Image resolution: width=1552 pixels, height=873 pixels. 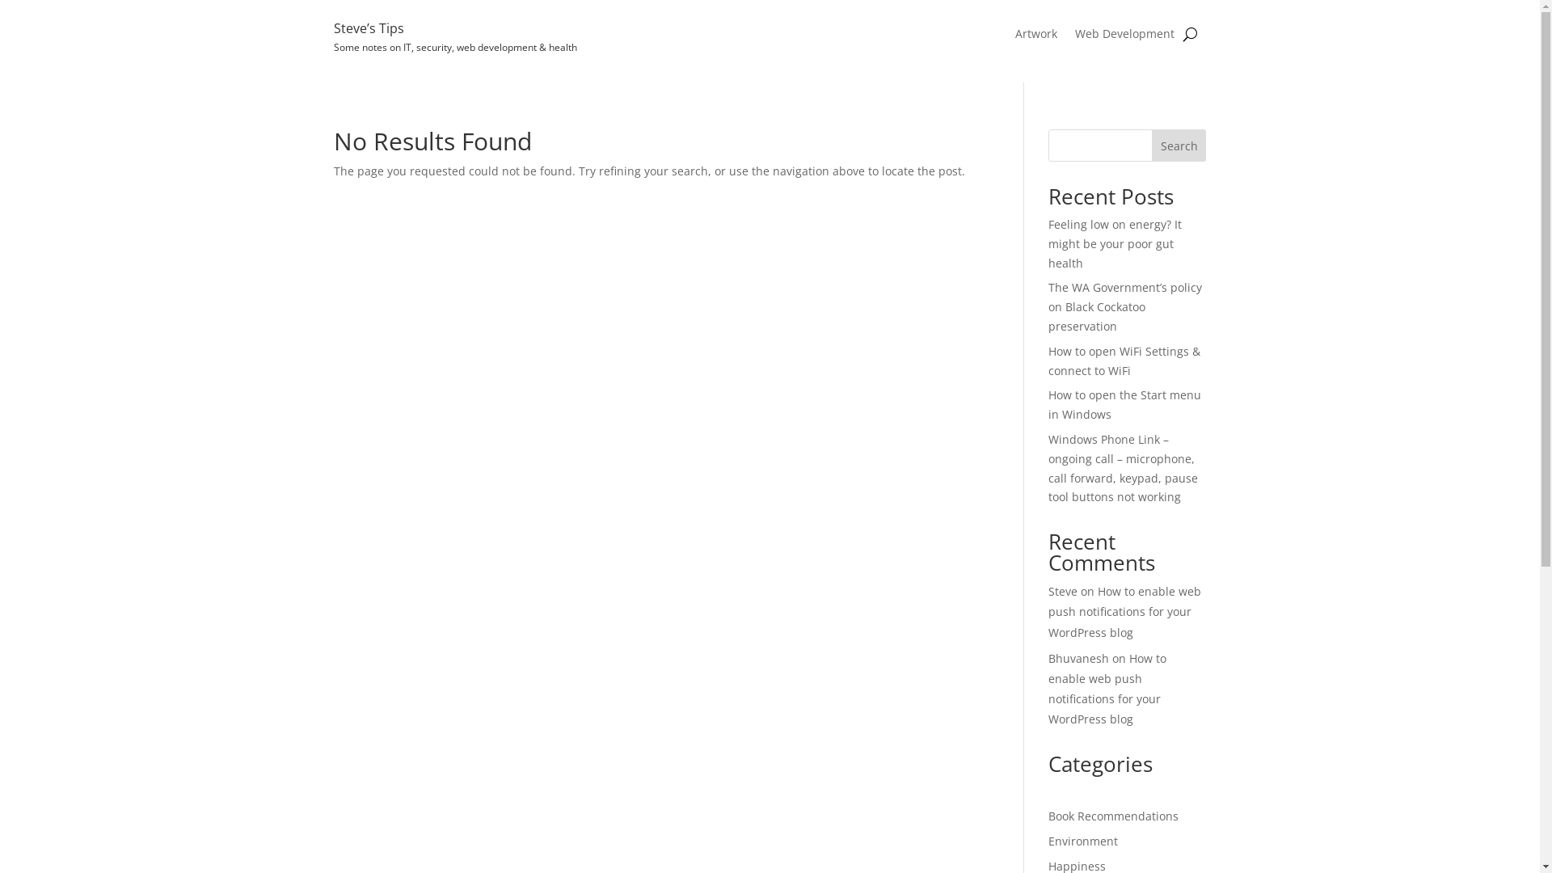 What do you see at coordinates (1112, 816) in the screenshot?
I see `'Book Recommendations'` at bounding box center [1112, 816].